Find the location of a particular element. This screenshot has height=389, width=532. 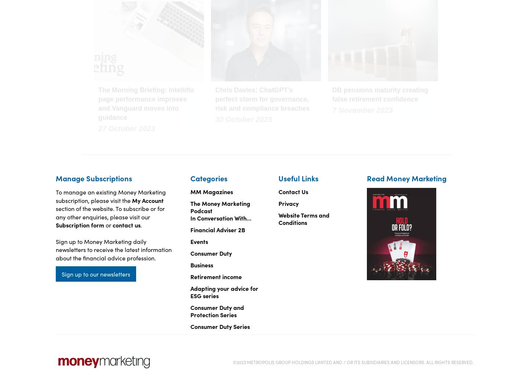

'The Morning Briefing: Intelliflo page performance improves and Vanguard moves into guidance' is located at coordinates (146, 103).